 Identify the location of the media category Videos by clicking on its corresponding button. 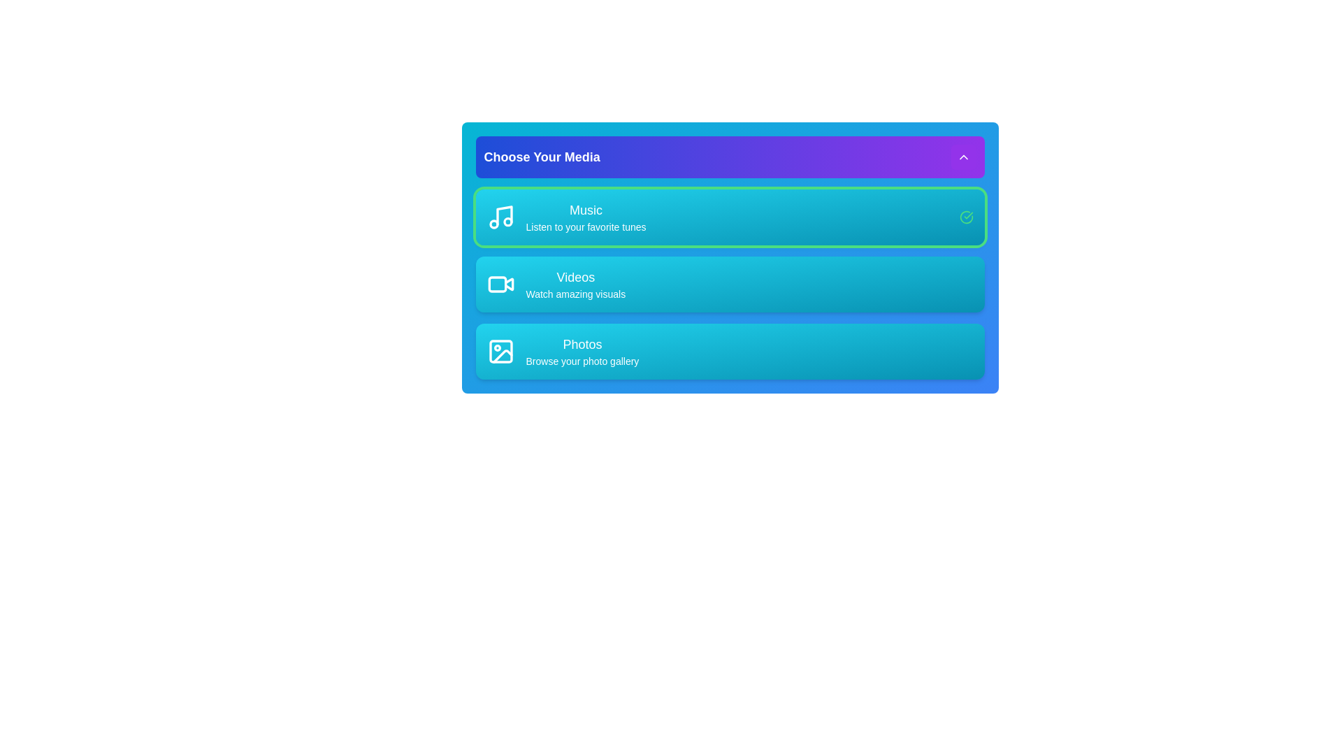
(555, 284).